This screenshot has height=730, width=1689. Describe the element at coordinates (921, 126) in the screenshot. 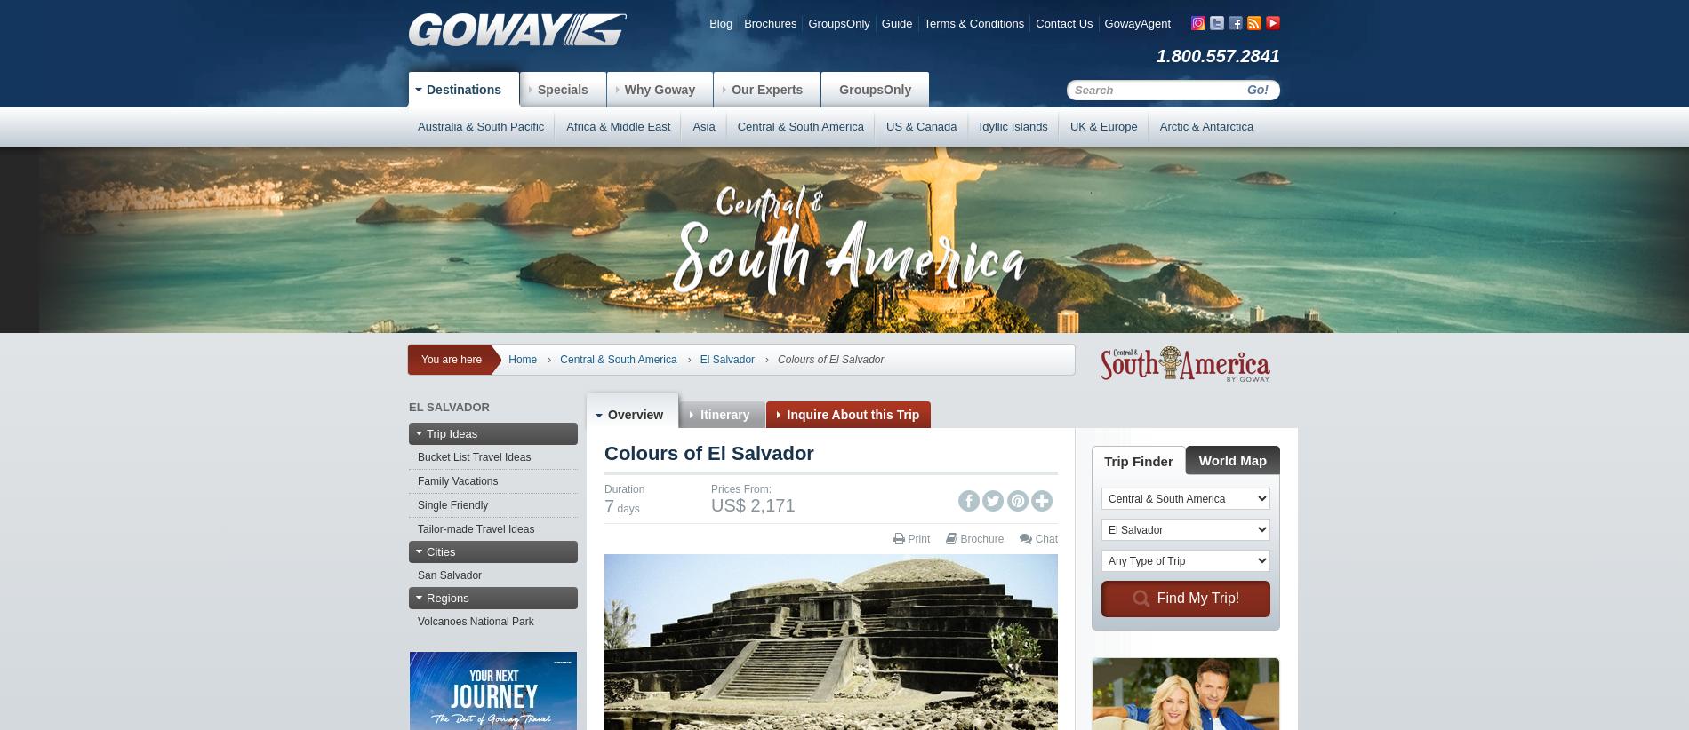

I see `'US & Canada'` at that location.